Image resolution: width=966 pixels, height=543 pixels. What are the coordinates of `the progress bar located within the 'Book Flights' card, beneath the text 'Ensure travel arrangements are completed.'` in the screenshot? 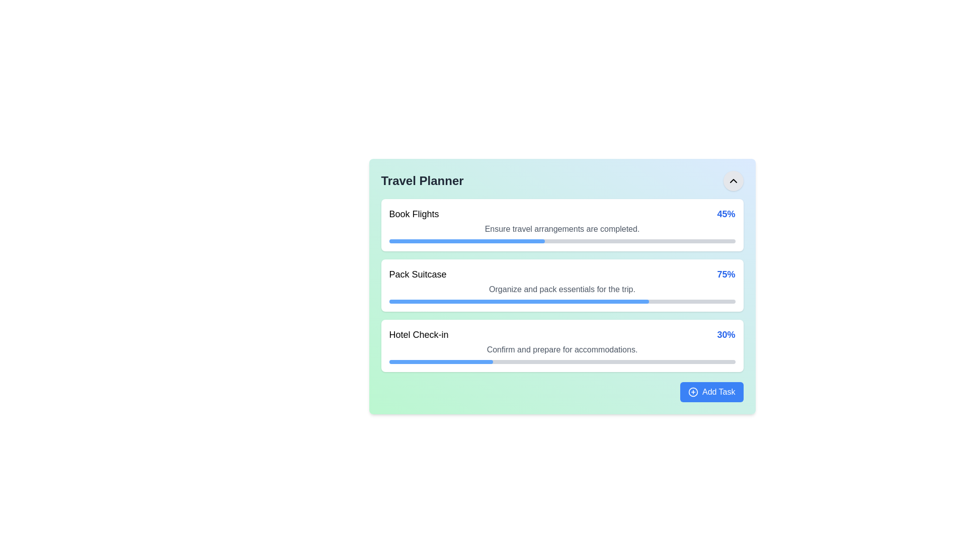 It's located at (561, 241).